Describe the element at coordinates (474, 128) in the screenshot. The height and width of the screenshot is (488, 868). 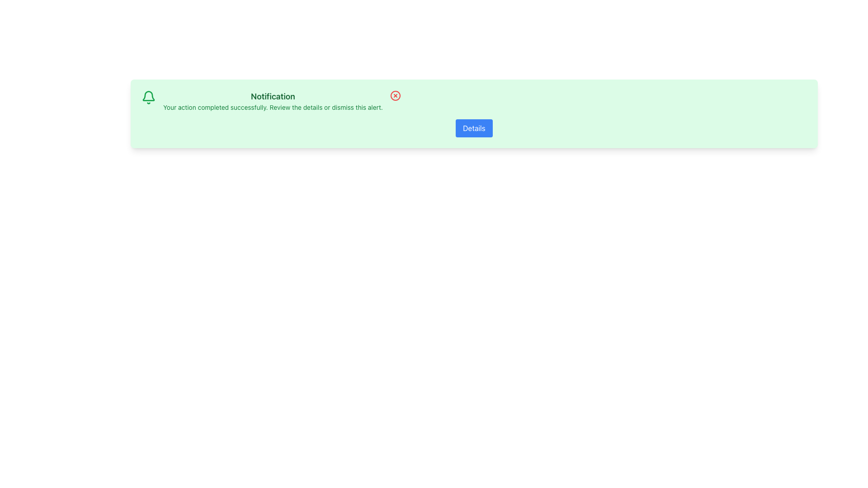
I see `the 'Details' button with a blue background and white text to observe the visual change in its appearance` at that location.